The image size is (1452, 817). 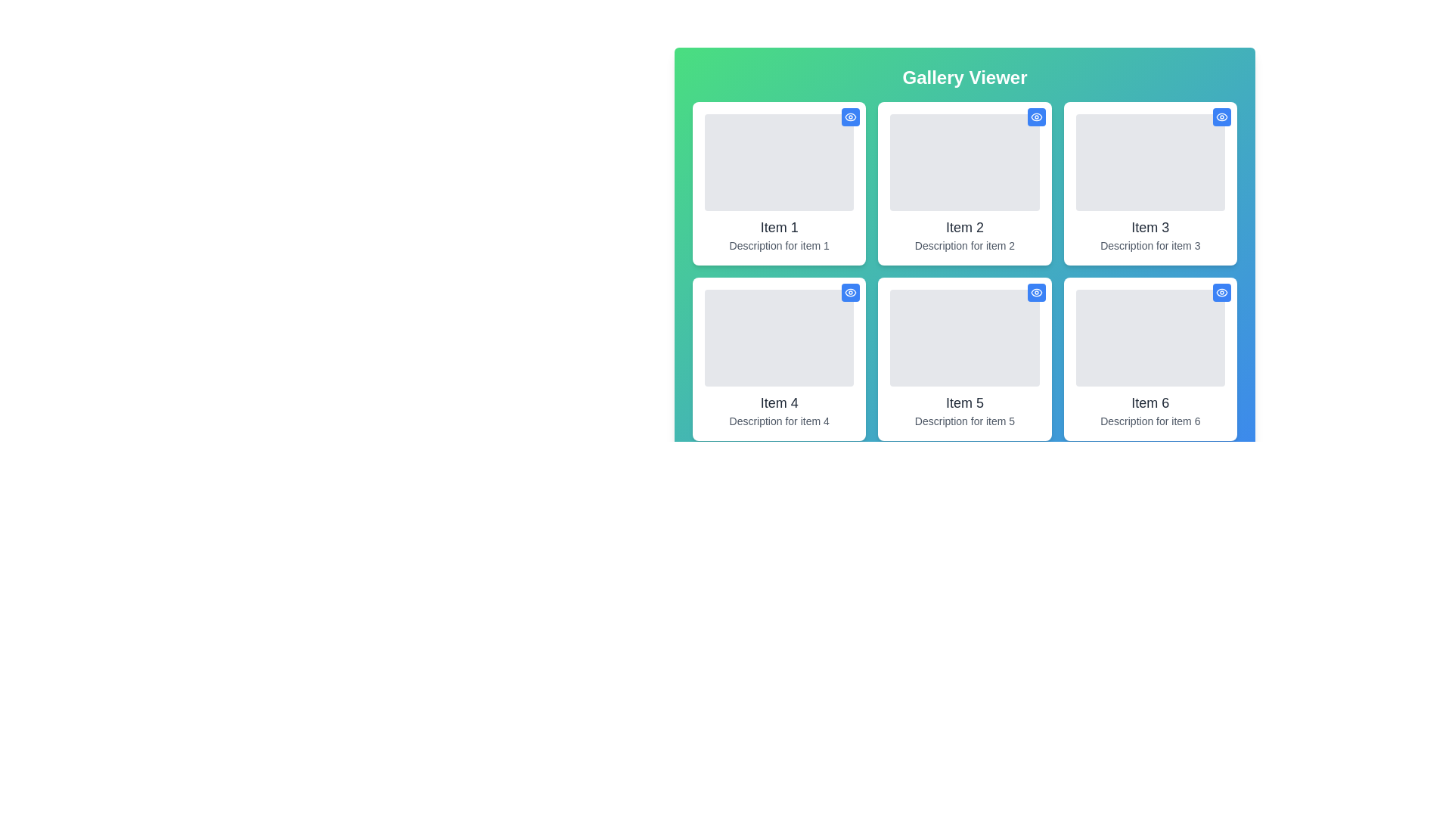 I want to click on the image placeholder located at the upper part of the card titled 'Item 3', so click(x=1149, y=163).